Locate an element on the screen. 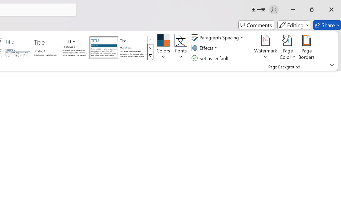 This screenshot has width=341, height=213. 'Lines (Stylish)' is located at coordinates (46, 47).